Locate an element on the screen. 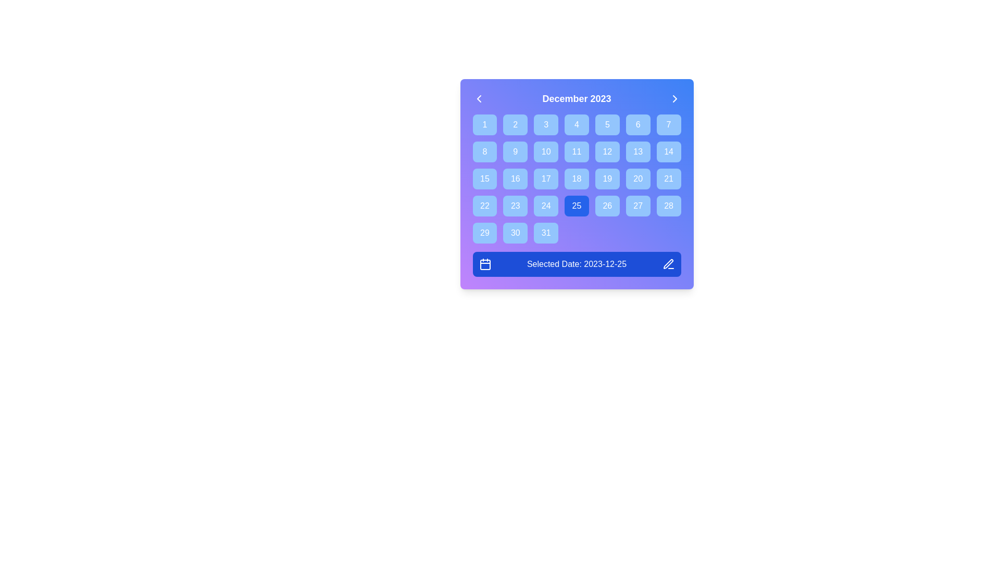 The width and height of the screenshot is (1000, 562). the calendar icon, which is the first graphical object in the bottom row of the date picker interface is located at coordinates (484, 264).